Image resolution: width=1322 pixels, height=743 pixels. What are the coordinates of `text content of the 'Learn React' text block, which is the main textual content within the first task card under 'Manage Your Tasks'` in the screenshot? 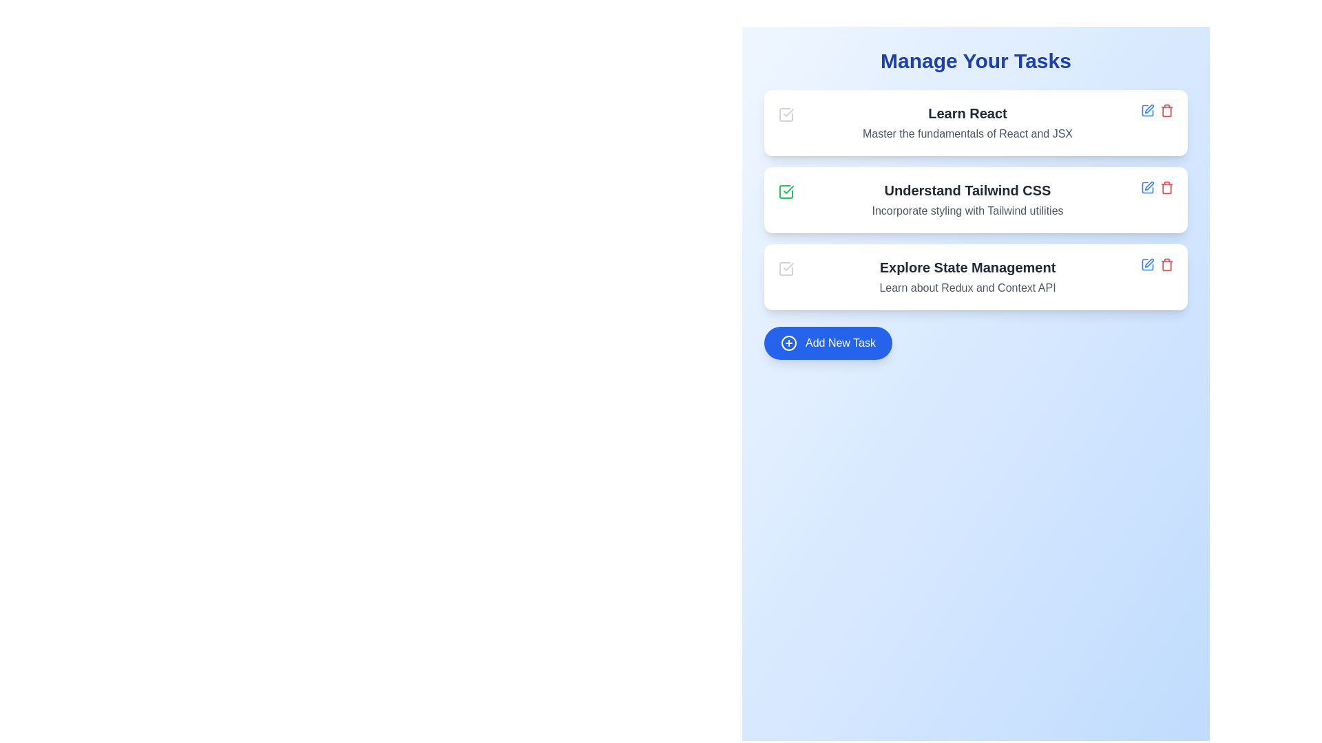 It's located at (967, 122).